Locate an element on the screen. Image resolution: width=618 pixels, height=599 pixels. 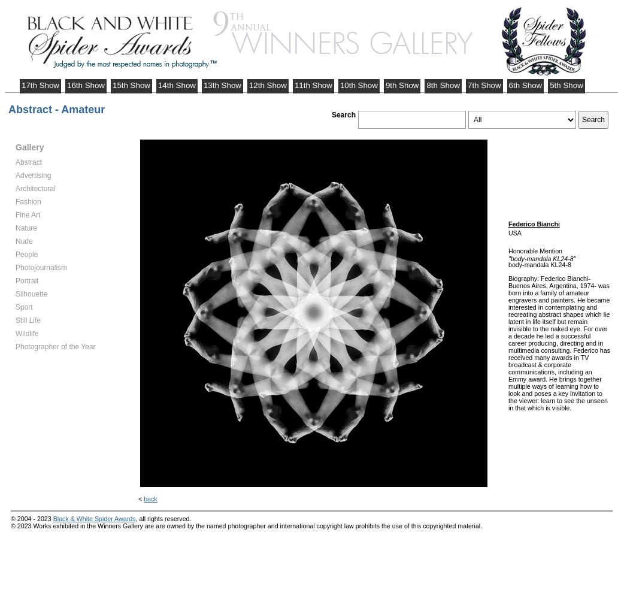
'<' is located at coordinates (140, 498).